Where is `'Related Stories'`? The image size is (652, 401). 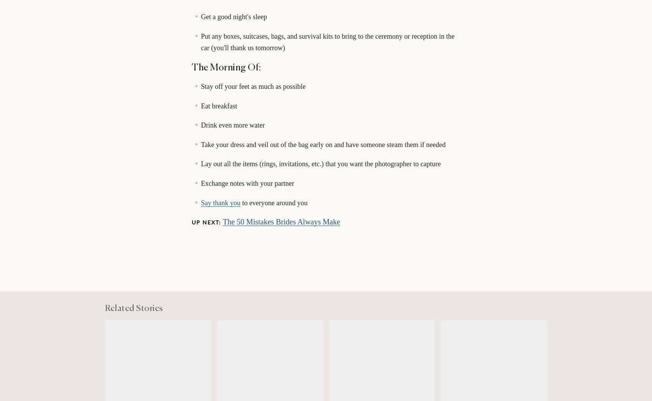 'Related Stories' is located at coordinates (133, 308).